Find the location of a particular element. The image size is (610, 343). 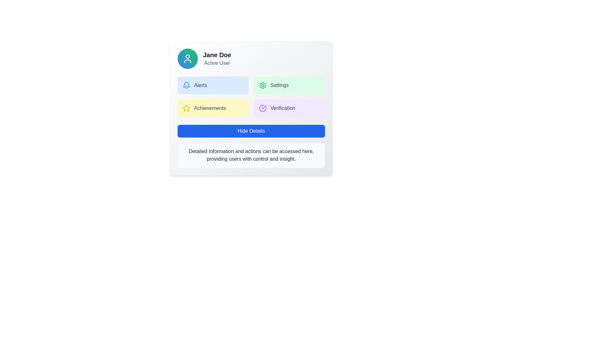

the 'Hide Details' button, which is a rectangular button with a blue gradient background and the text in bold white font is located at coordinates (251, 131).